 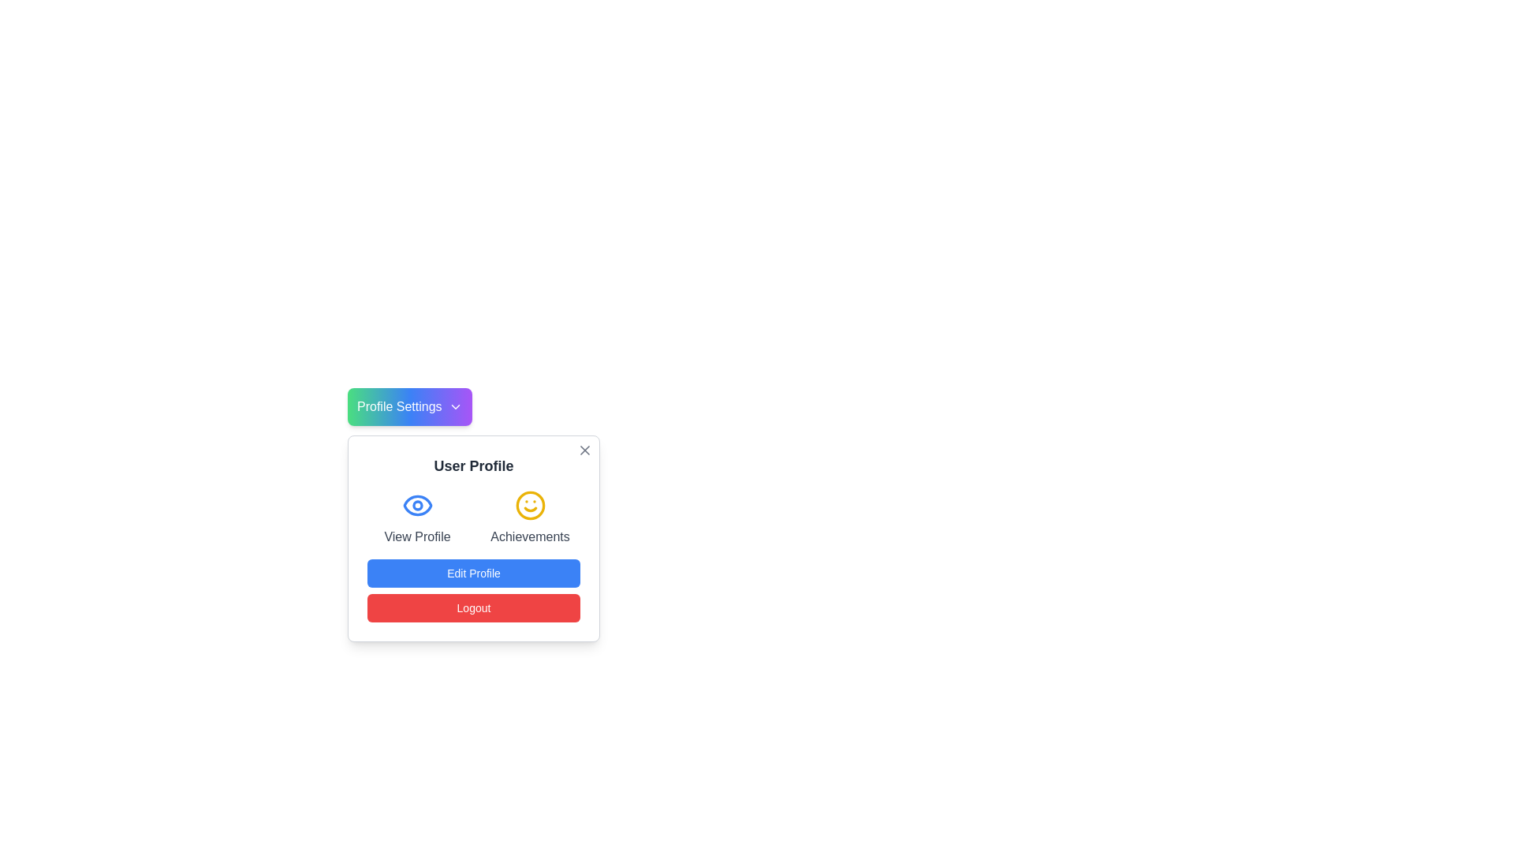 What do you see at coordinates (417, 505) in the screenshot?
I see `the blue eye-shaped icon that symbolizes the 'View Profile' action in the upper-left quadrant of the 'User Profile' modal, positioned above the text 'View Profile'` at bounding box center [417, 505].